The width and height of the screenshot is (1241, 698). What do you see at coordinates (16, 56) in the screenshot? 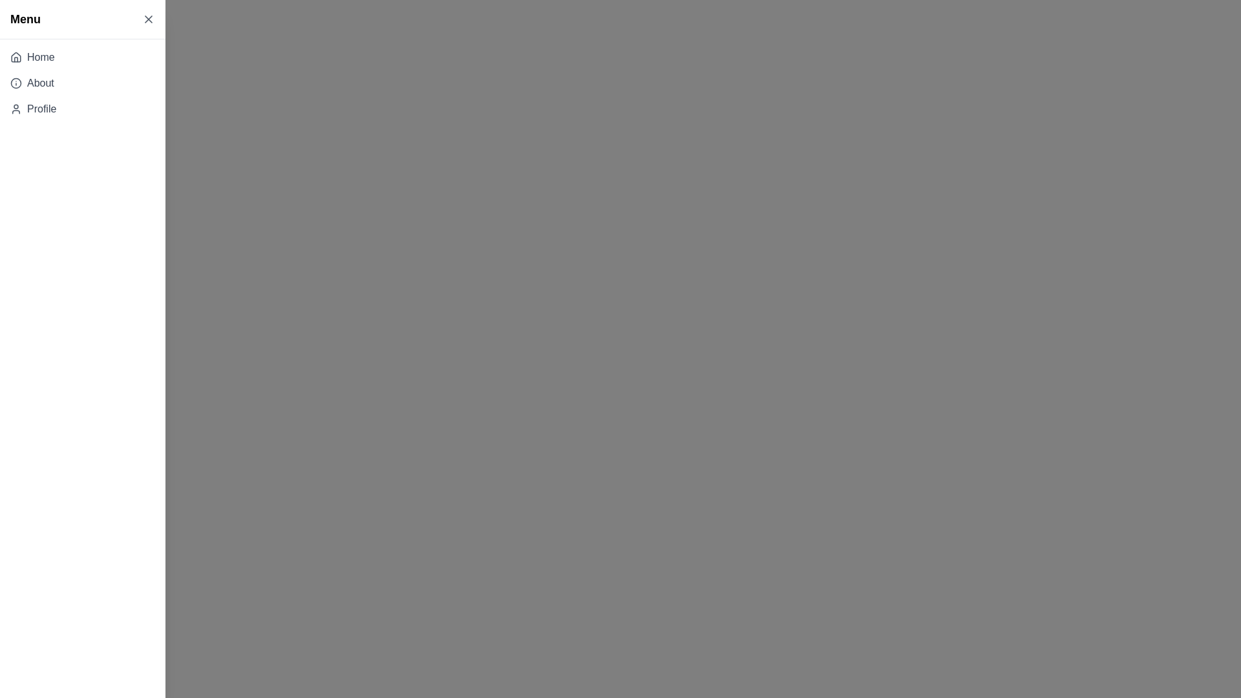
I see `the house icon with a rounded outline that is visually placed alongside the text 'Home'` at bounding box center [16, 56].